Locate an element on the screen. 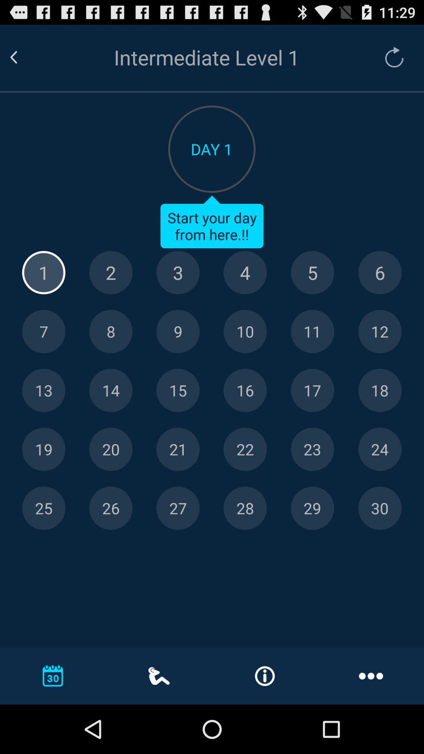 This screenshot has height=754, width=424. the 16th day is located at coordinates (245, 390).